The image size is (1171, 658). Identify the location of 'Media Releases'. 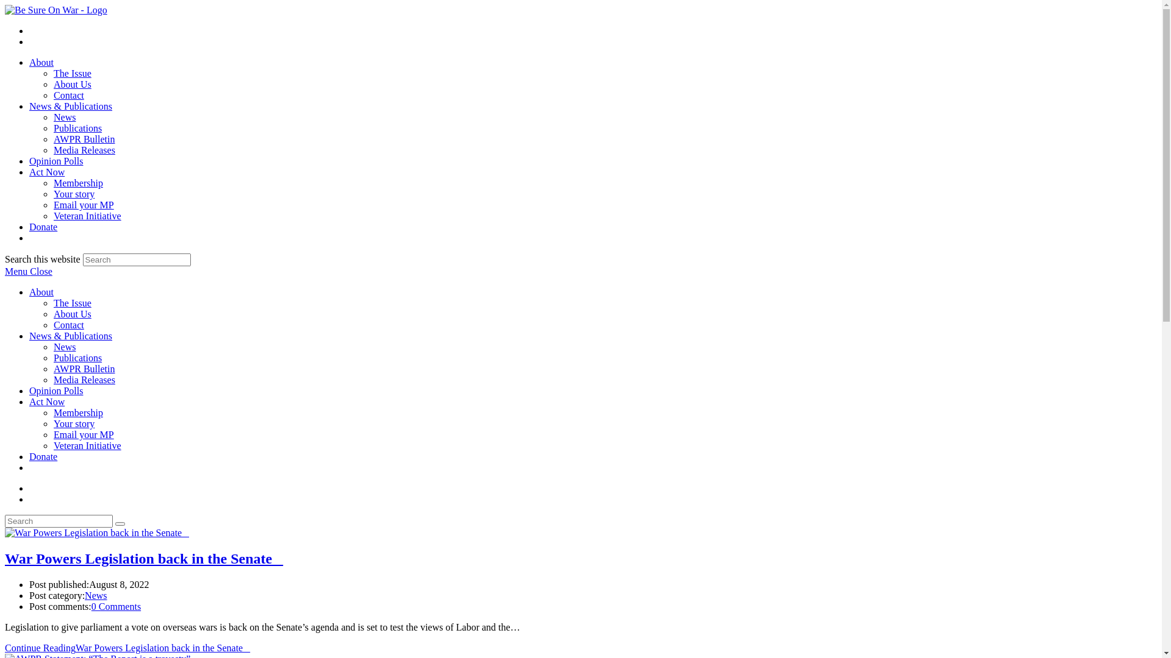
(84, 149).